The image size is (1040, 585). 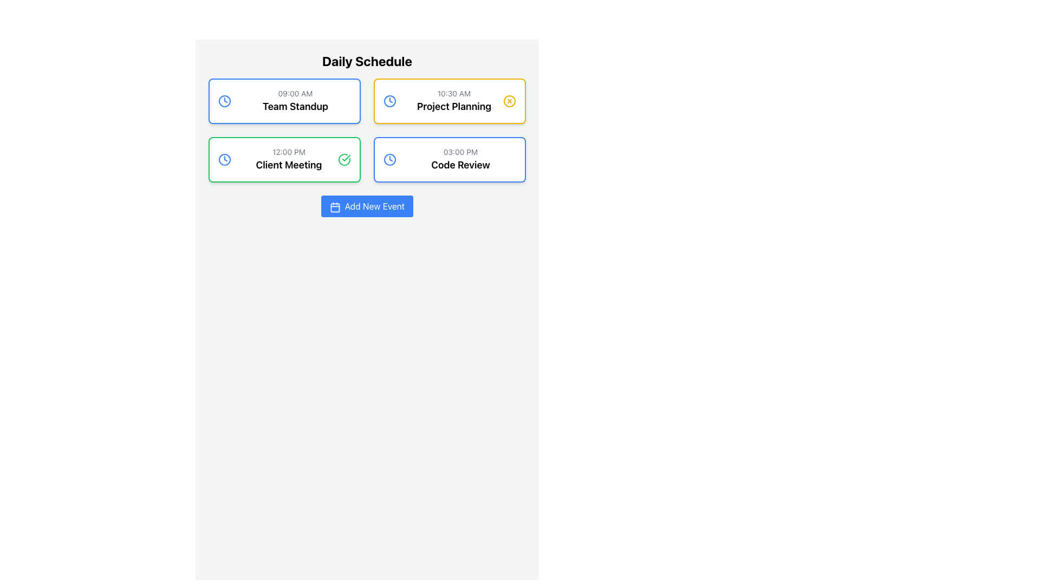 What do you see at coordinates (334, 207) in the screenshot?
I see `the calendar icon's SVG rectangle component which serves as the main body of the calendar representation` at bounding box center [334, 207].